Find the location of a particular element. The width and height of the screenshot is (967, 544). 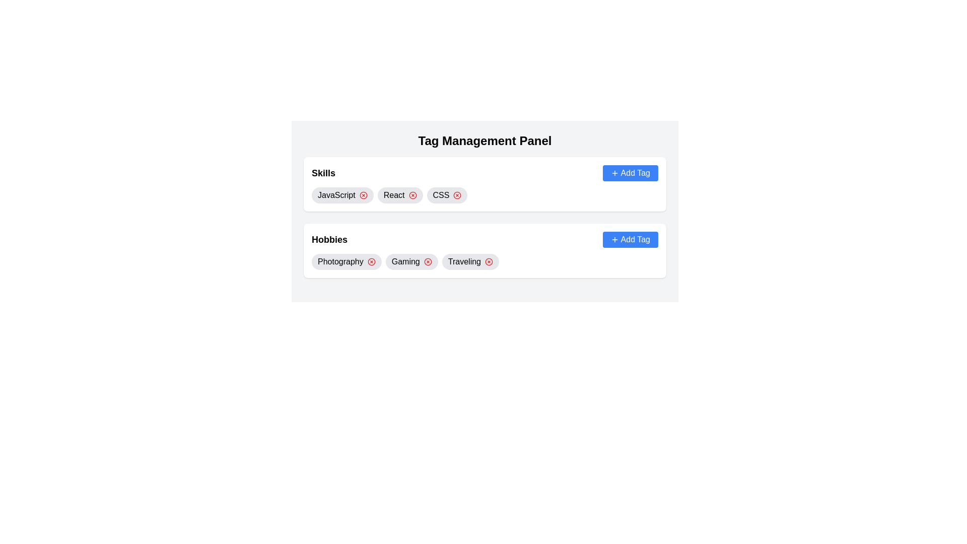

the small circular red button with an 'X' icon located to the right of the 'JavaScript' text in the 'Skills' section to observe a color change is located at coordinates (363, 195).